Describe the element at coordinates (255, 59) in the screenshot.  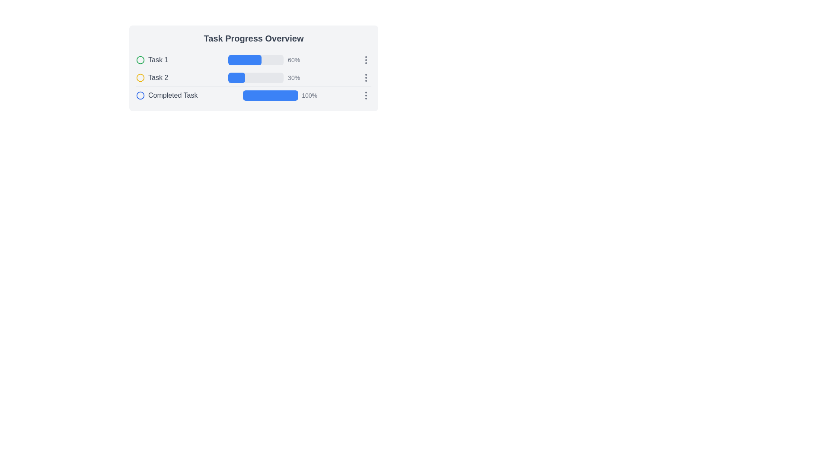
I see `the horizontal progress bar indicating 60% completion for 'Task 1' in the 'Task Progress Overview' table` at that location.